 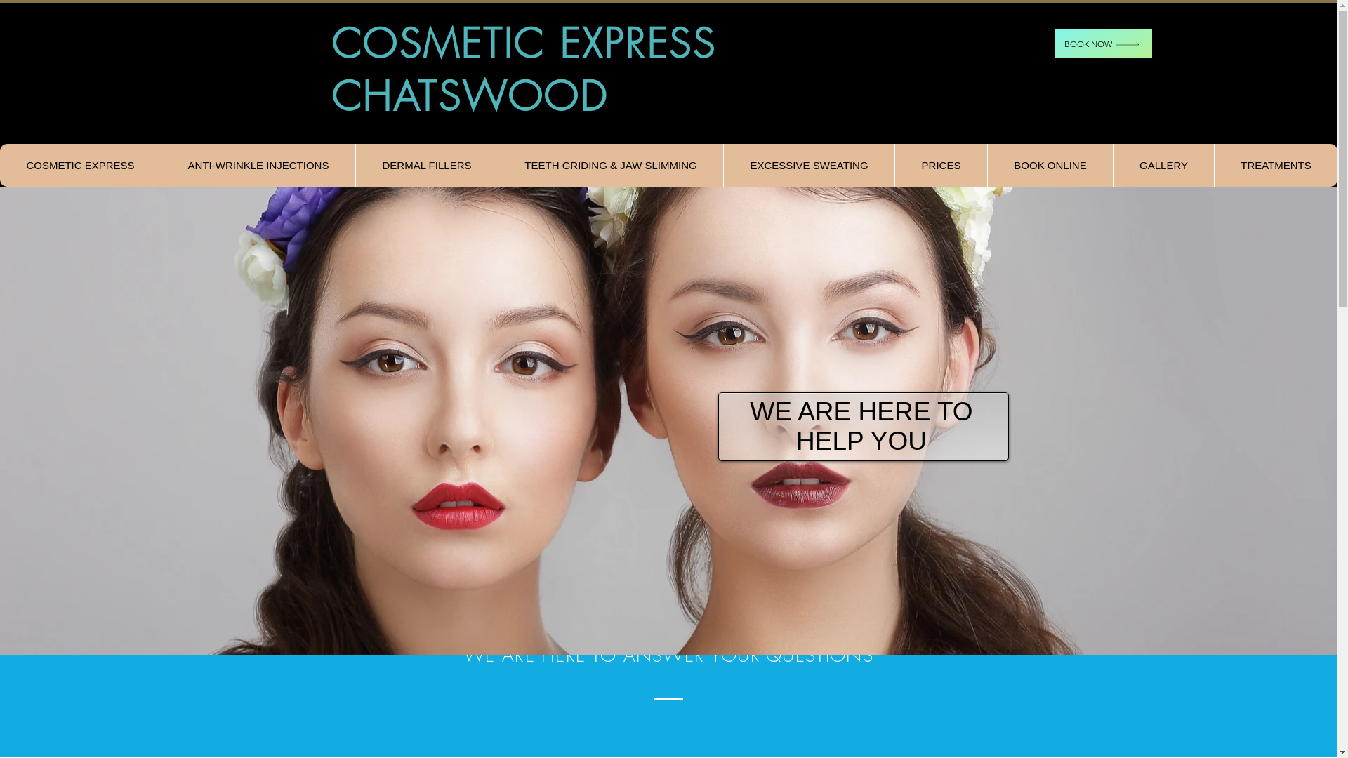 I want to click on 'GALLERY', so click(x=1163, y=164).